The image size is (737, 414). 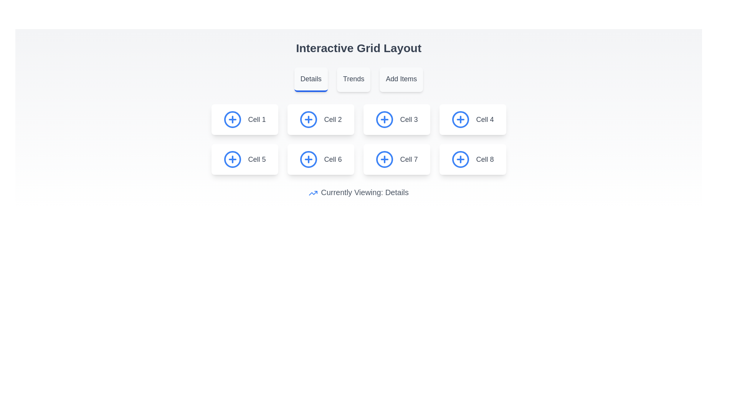 I want to click on the Static Text Label 'Cell 3', which identifies its respective card in the grid layout, so click(x=408, y=120).